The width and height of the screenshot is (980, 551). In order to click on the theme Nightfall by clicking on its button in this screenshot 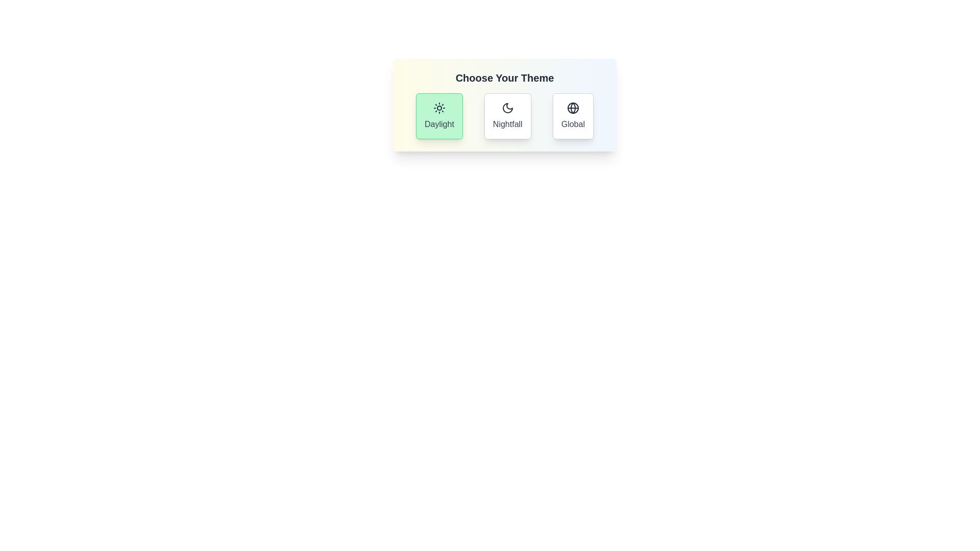, I will do `click(507, 115)`.